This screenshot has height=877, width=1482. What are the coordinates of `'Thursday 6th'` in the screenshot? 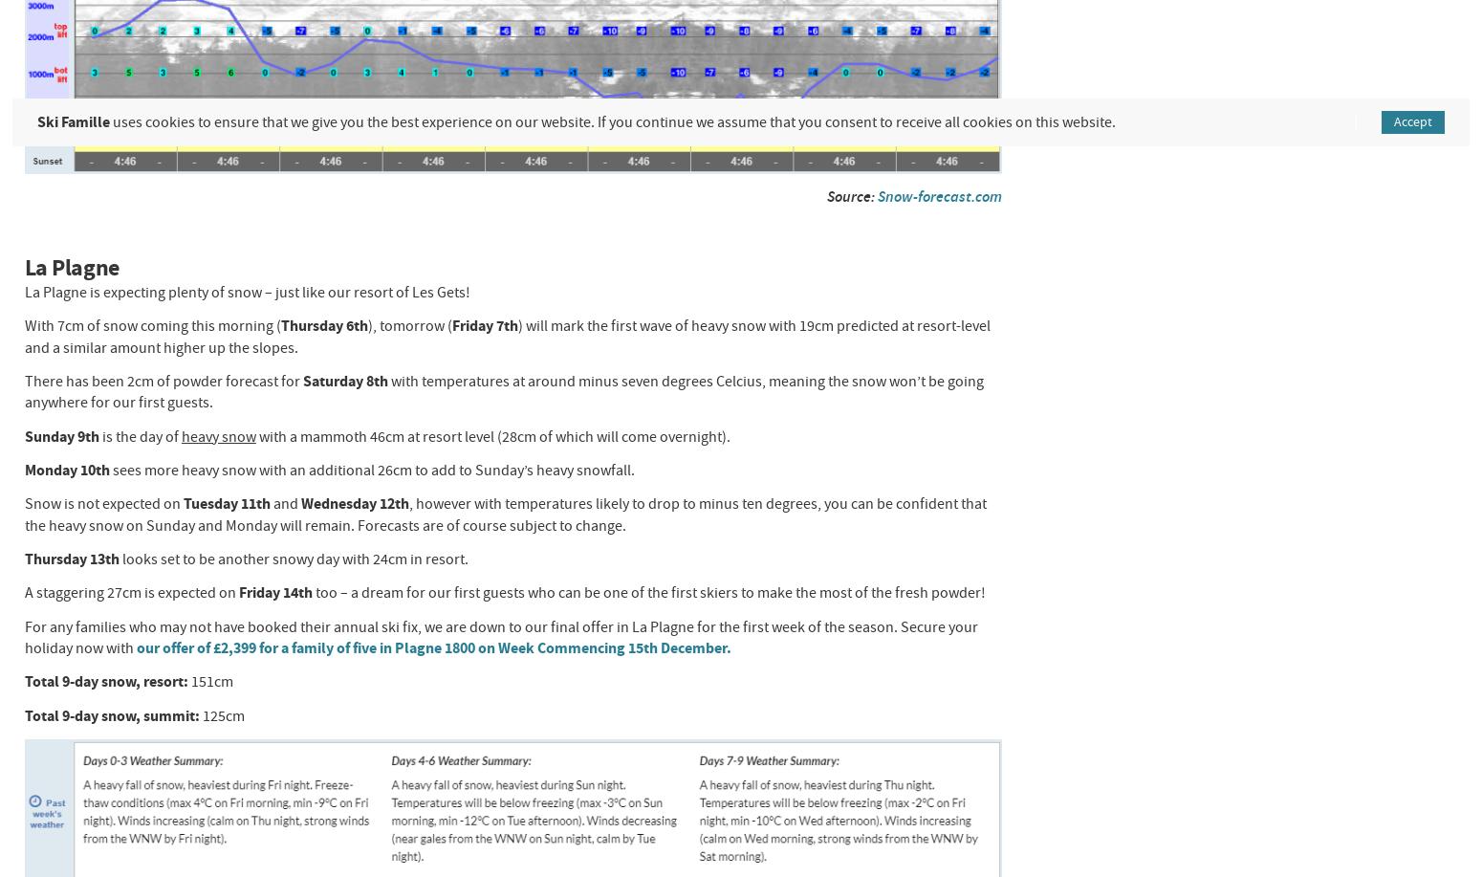 It's located at (322, 324).